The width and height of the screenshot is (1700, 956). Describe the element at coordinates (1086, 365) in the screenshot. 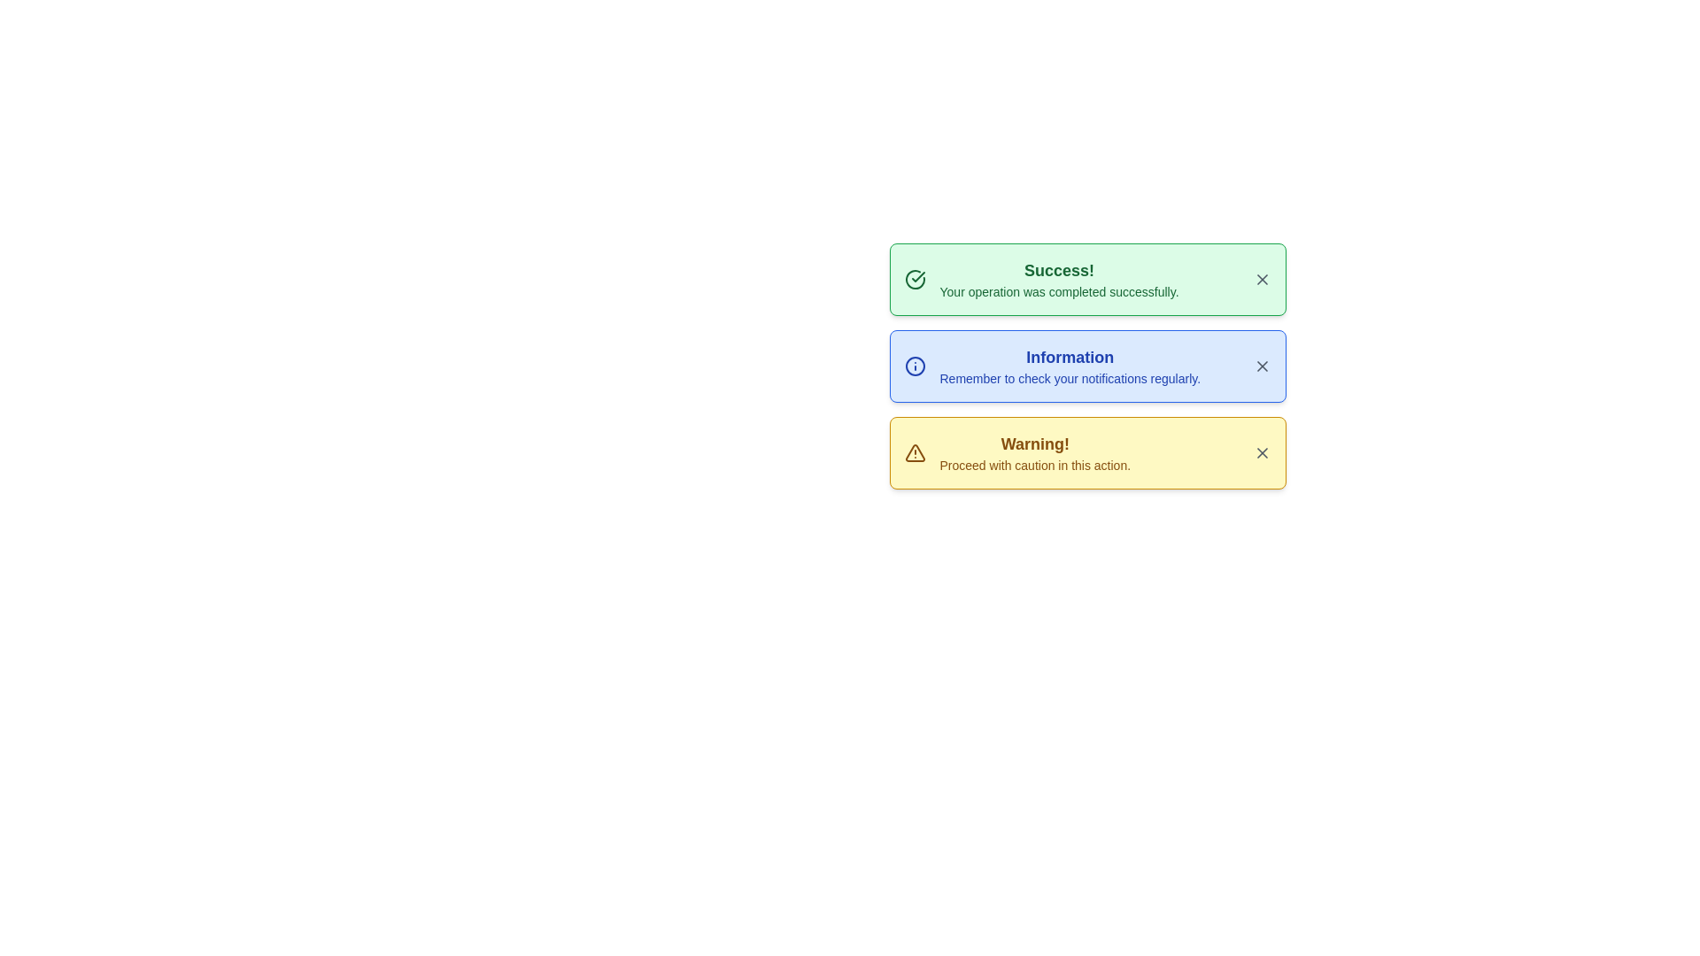

I see `message in the informational notification box with a light blue background and dark blue border, titled 'Information' with the description 'Remember to check your notifications regularly.'` at that location.